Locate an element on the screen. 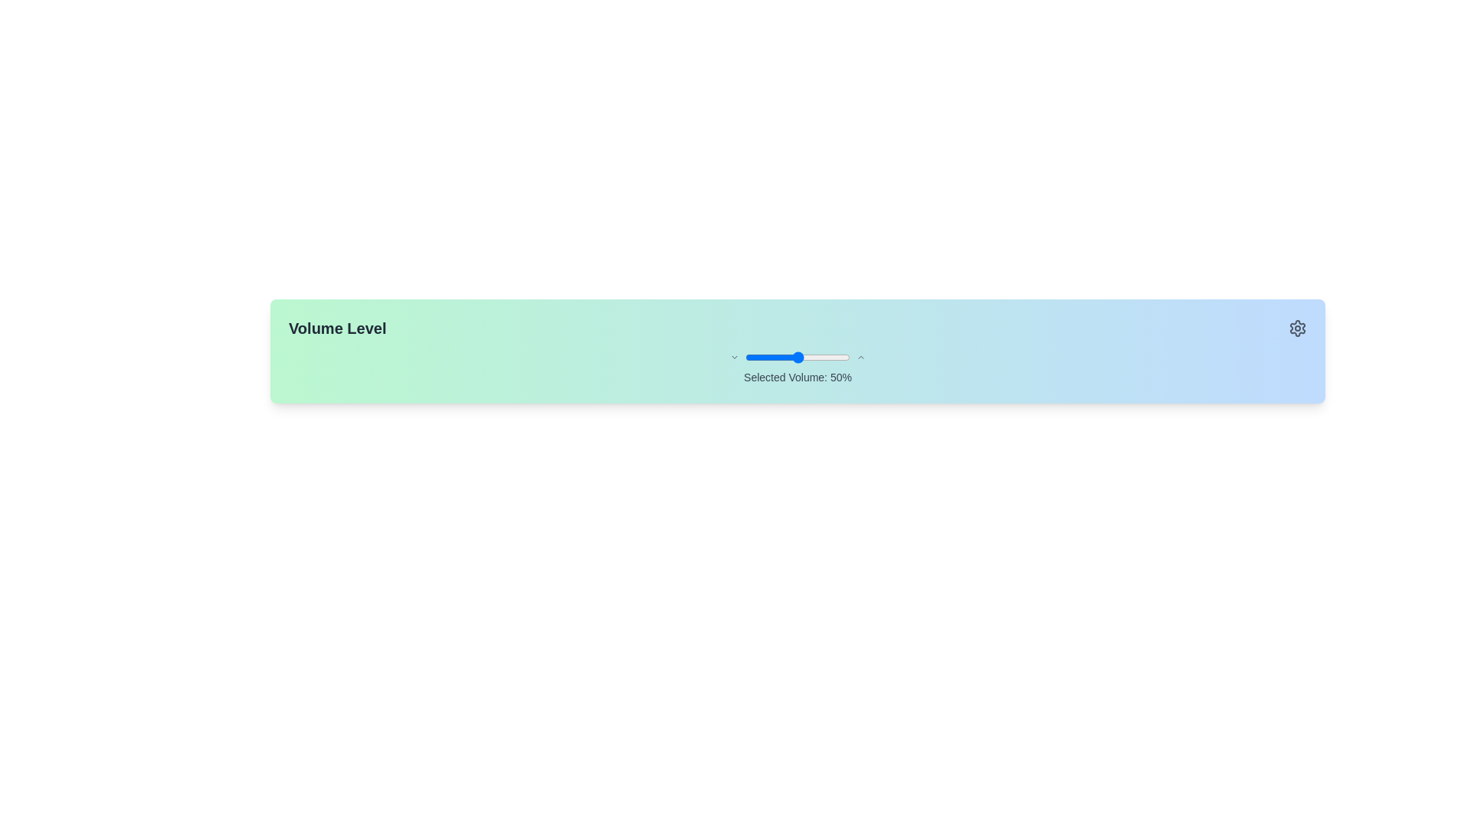  the horizontal slider located in the middle of the 'Selected Volume: 50%' widget, which is flanked by chevron icons for adjustments is located at coordinates (797, 357).